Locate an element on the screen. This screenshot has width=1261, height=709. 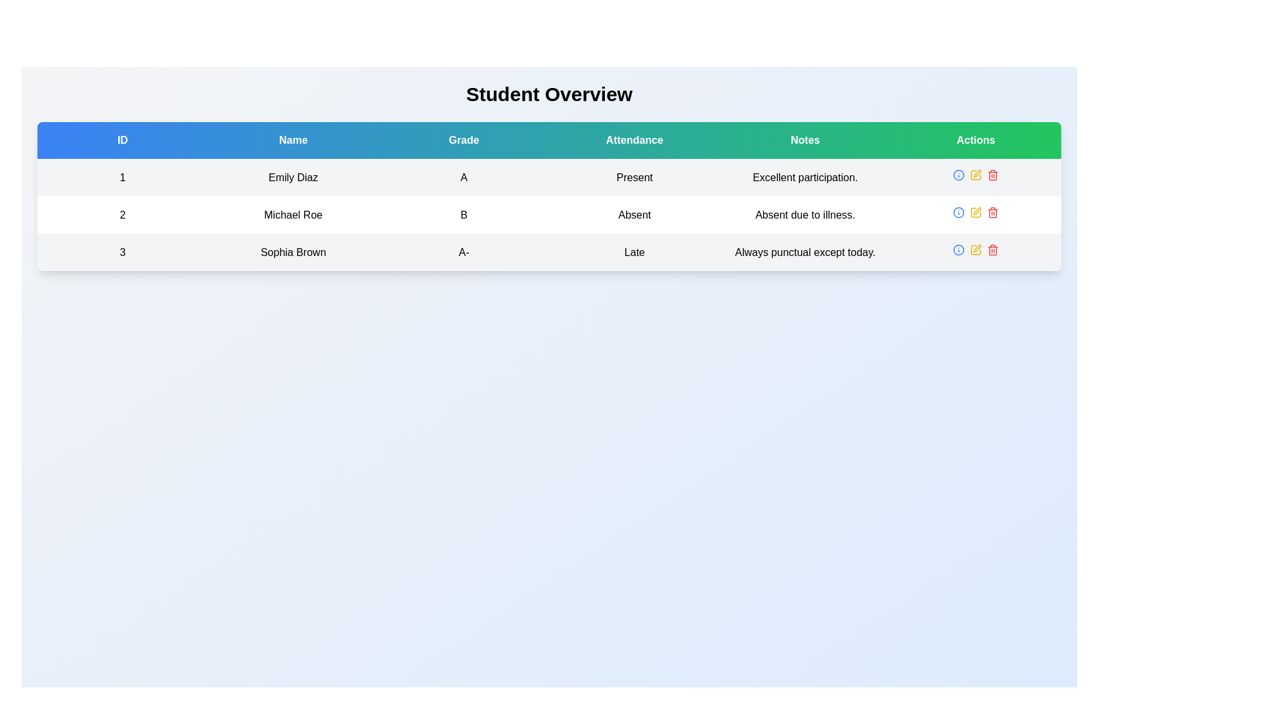
the pen or writing tool icon located in the Actions section for the student Michael Roe to trigger the tooltip or highlight effect is located at coordinates (977, 173).